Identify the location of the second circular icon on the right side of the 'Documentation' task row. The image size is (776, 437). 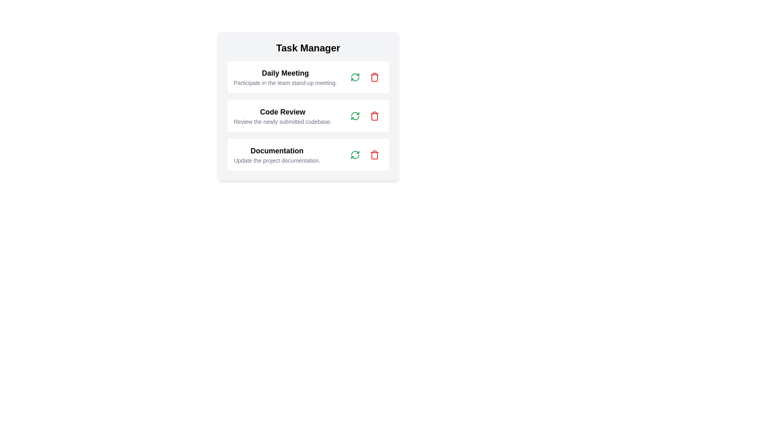
(374, 155).